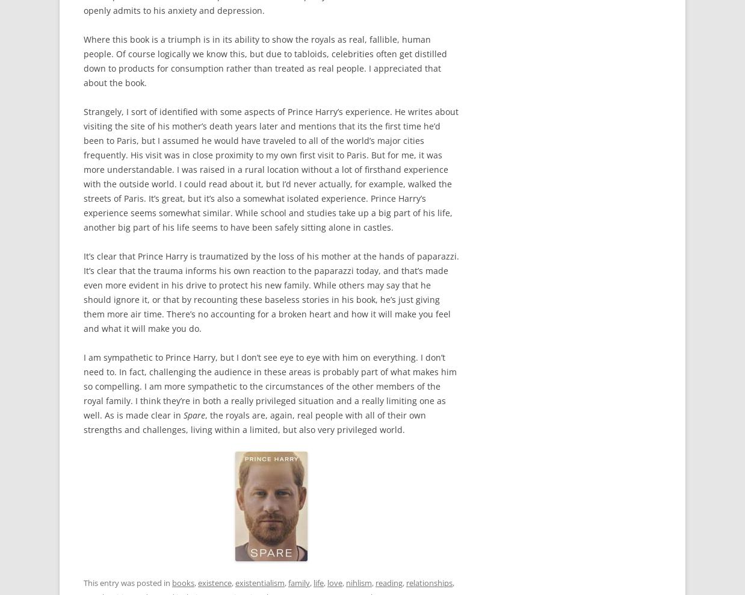  Describe the element at coordinates (127, 583) in the screenshot. I see `'This entry was posted in'` at that location.